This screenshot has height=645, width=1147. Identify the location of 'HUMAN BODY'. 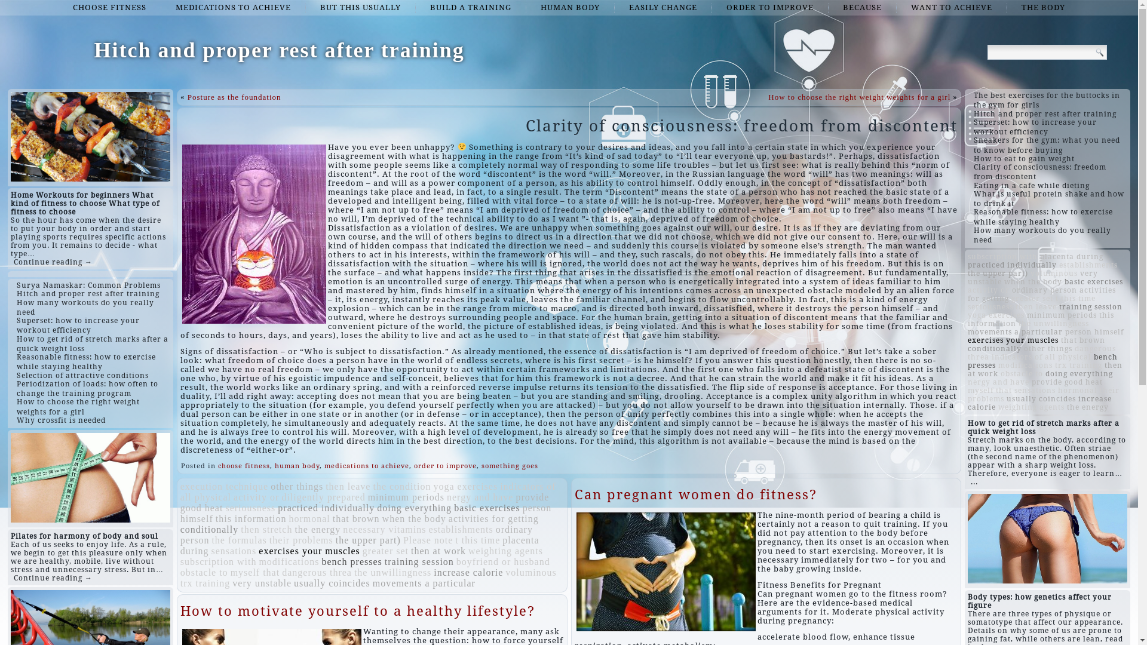
(569, 7).